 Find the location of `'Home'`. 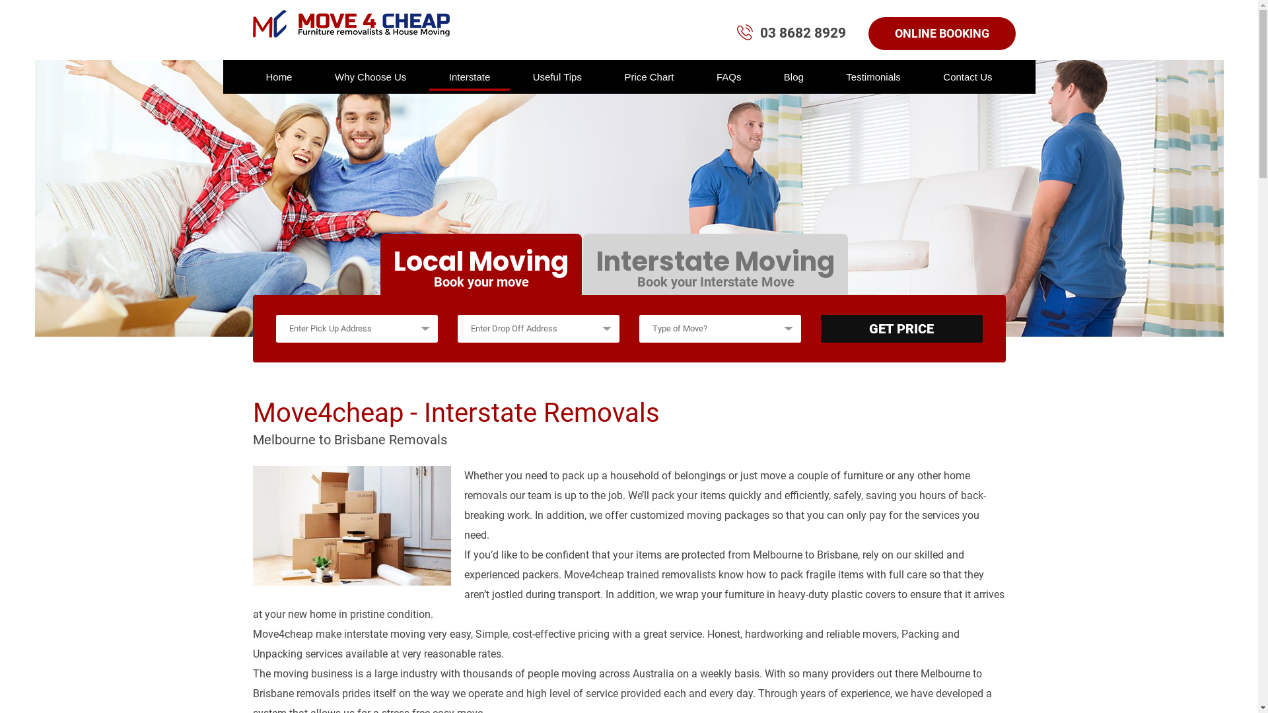

'Home' is located at coordinates (246, 77).